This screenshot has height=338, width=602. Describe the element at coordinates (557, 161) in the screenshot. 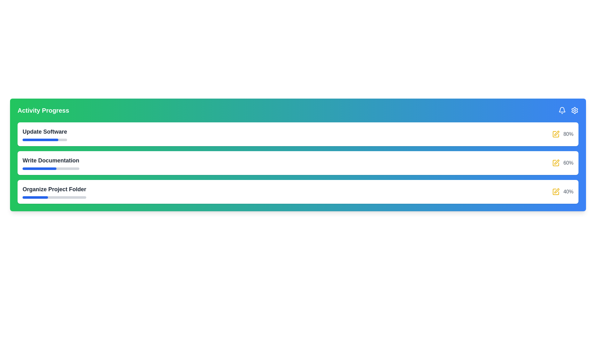

I see `the pen icon with a yellow outline, located next to the '60%' text indicator for the 'Write Documentation' task` at that location.